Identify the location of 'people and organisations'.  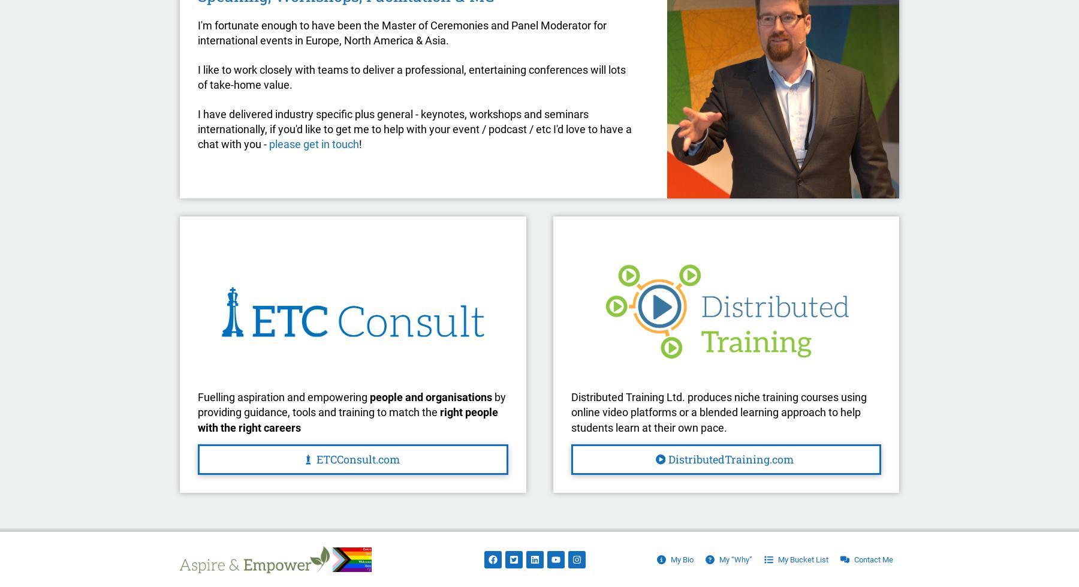
(370, 396).